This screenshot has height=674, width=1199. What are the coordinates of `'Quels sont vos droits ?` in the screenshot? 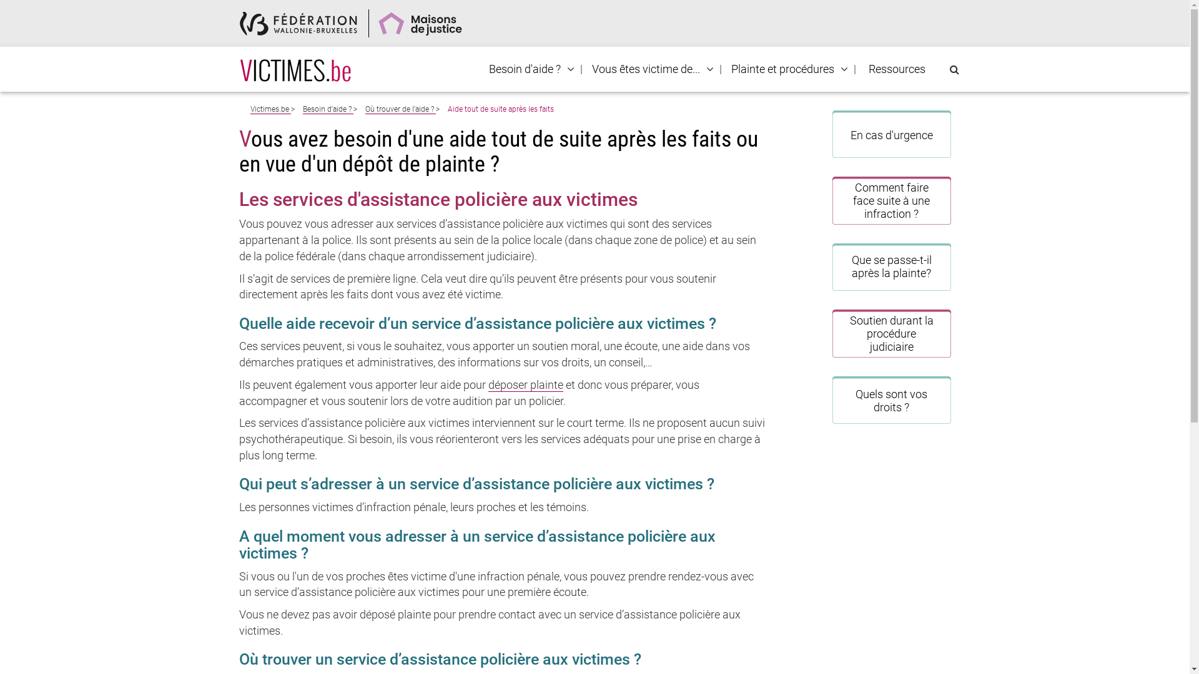 It's located at (891, 399).